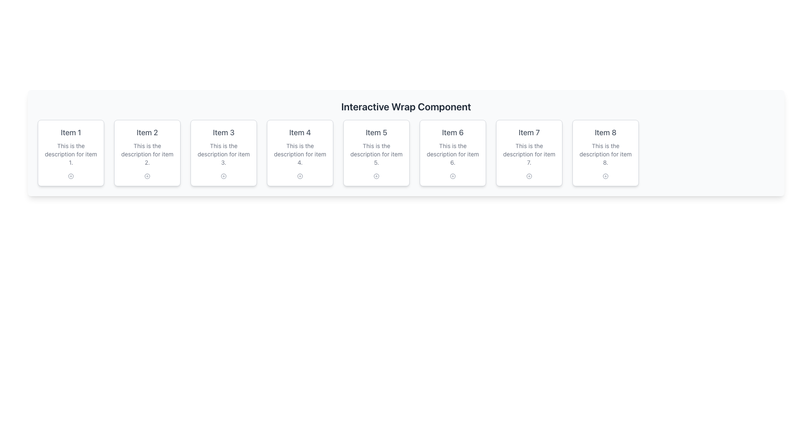 The width and height of the screenshot is (797, 448). I want to click on the circular SVG shape that is part of the '+' icon, located at the bottom-center of the first item labeled 'Item 1' in the list, so click(71, 175).